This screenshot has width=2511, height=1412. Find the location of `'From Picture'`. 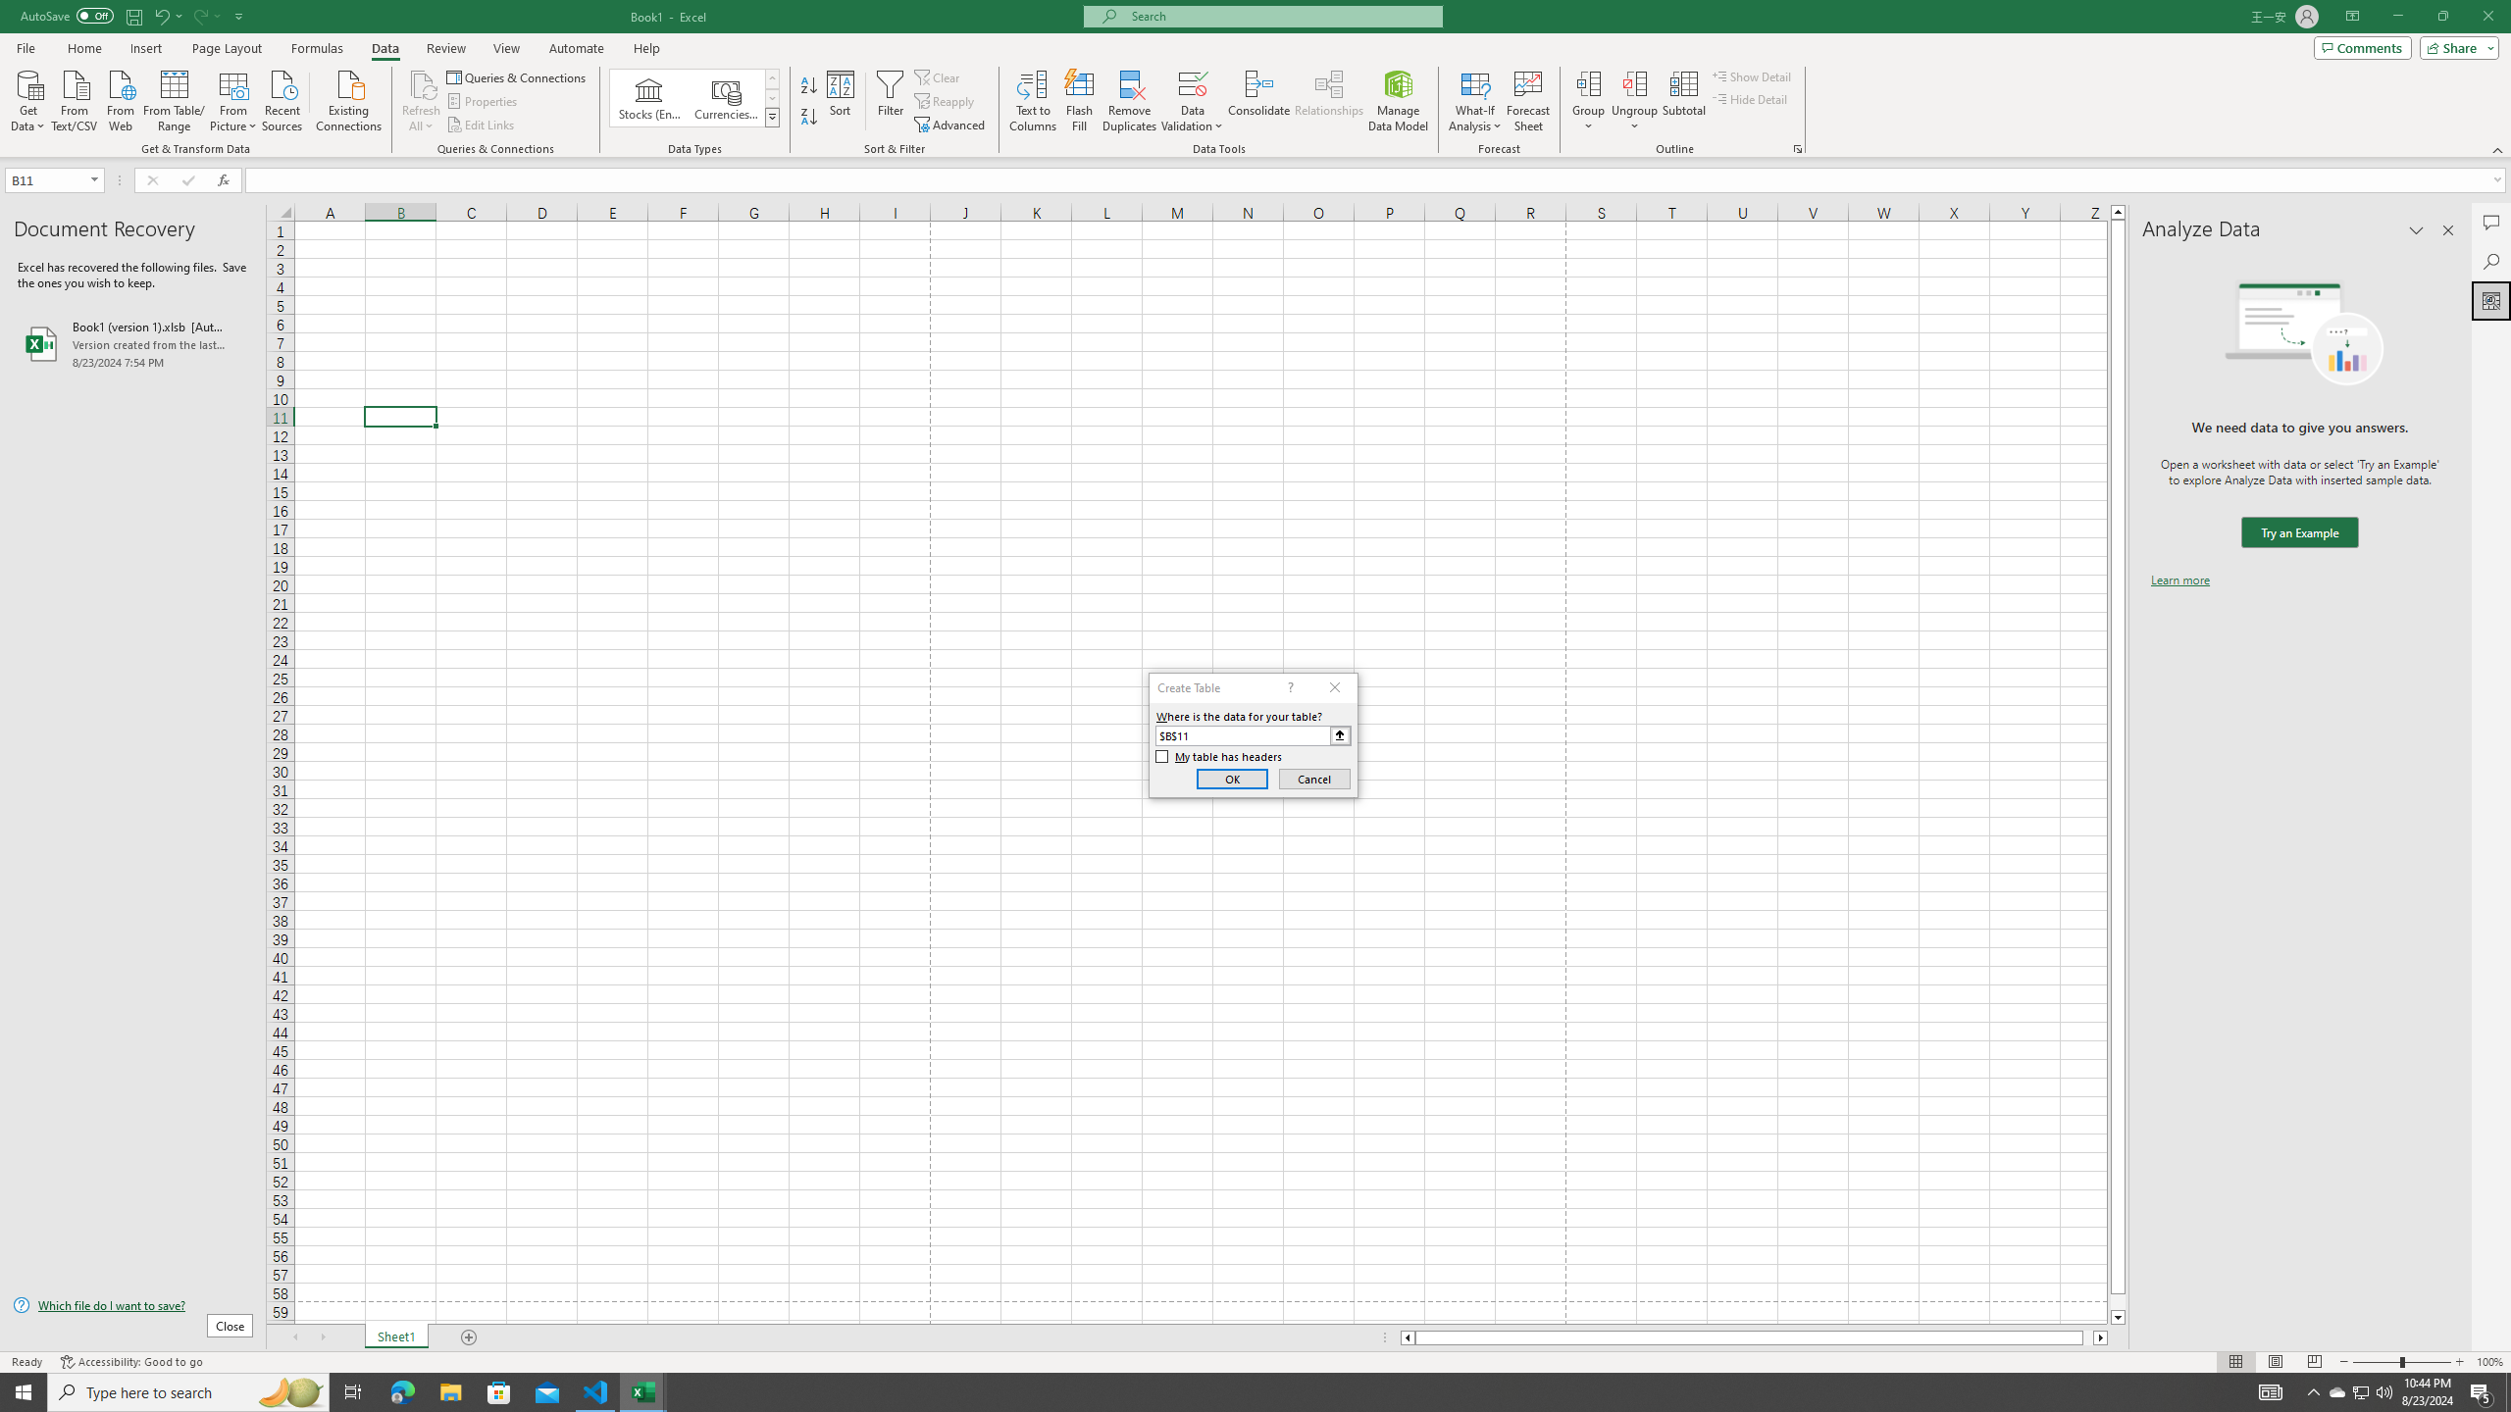

'From Picture' is located at coordinates (234, 98).